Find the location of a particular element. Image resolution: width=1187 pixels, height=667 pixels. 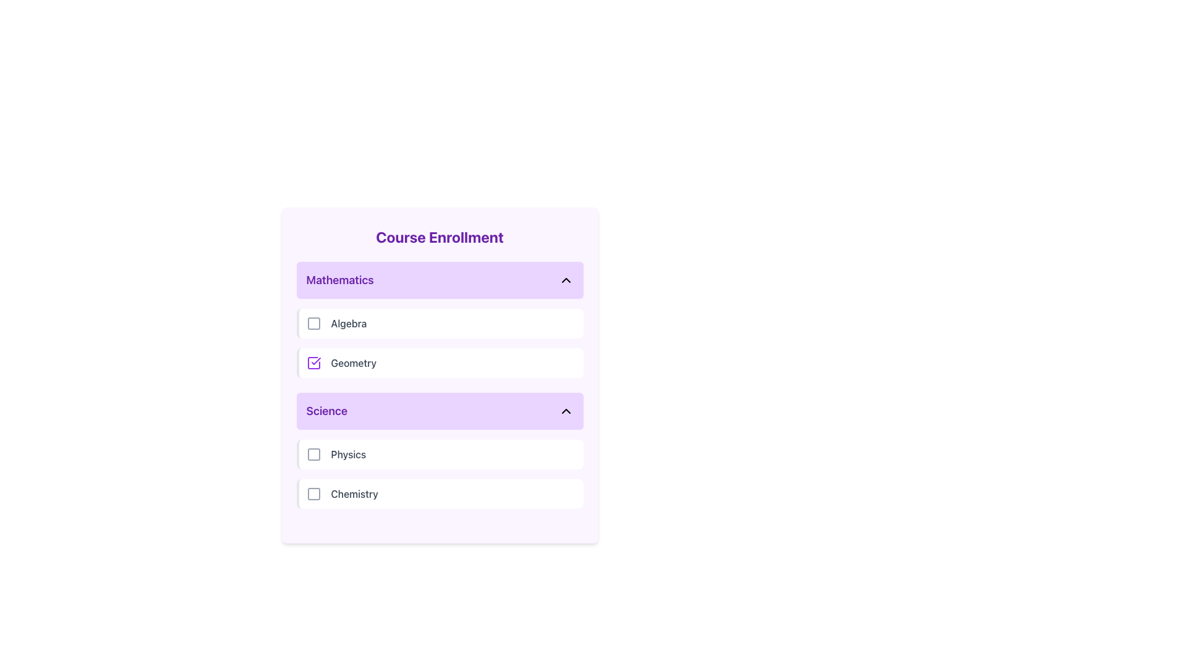

the light gray square-shaped icon located to the left of the 'Algebra' text label, which is the first icon in the vertical list of course options under the 'Mathematics' section is located at coordinates (313, 323).